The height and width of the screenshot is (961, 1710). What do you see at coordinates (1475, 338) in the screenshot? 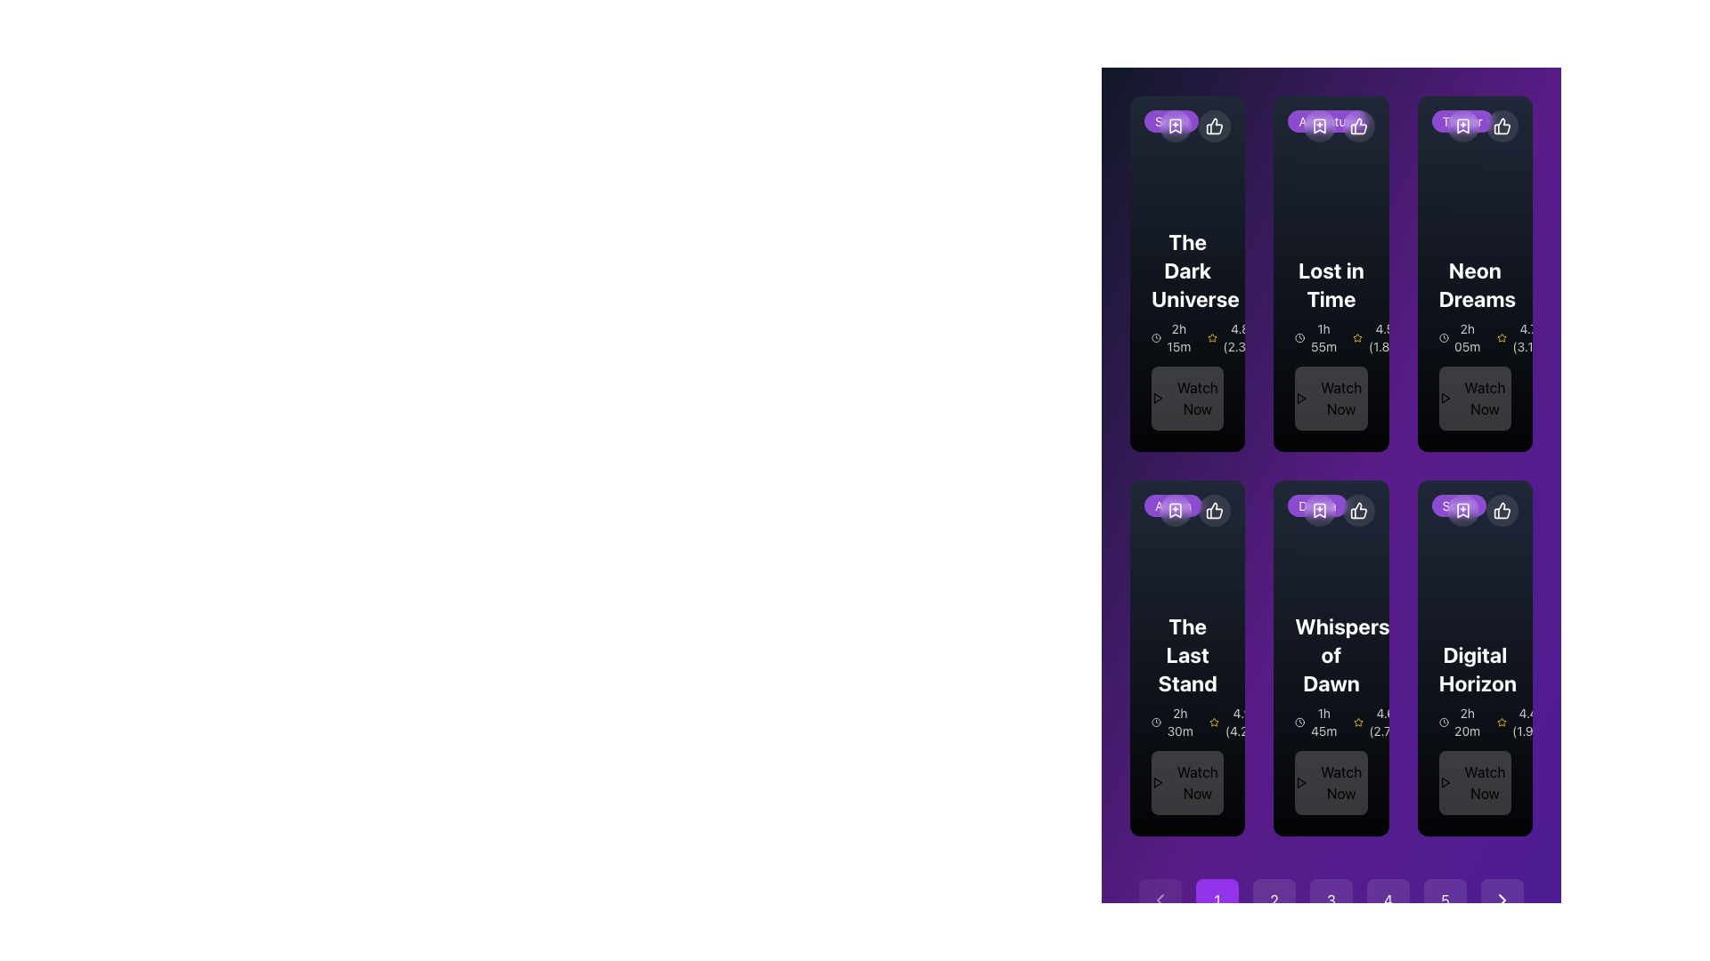
I see `the text-based informational element displaying the duration of the movie 'Neon Dreams', located above the rating and 'Watch Now' button in the card grid` at bounding box center [1475, 338].